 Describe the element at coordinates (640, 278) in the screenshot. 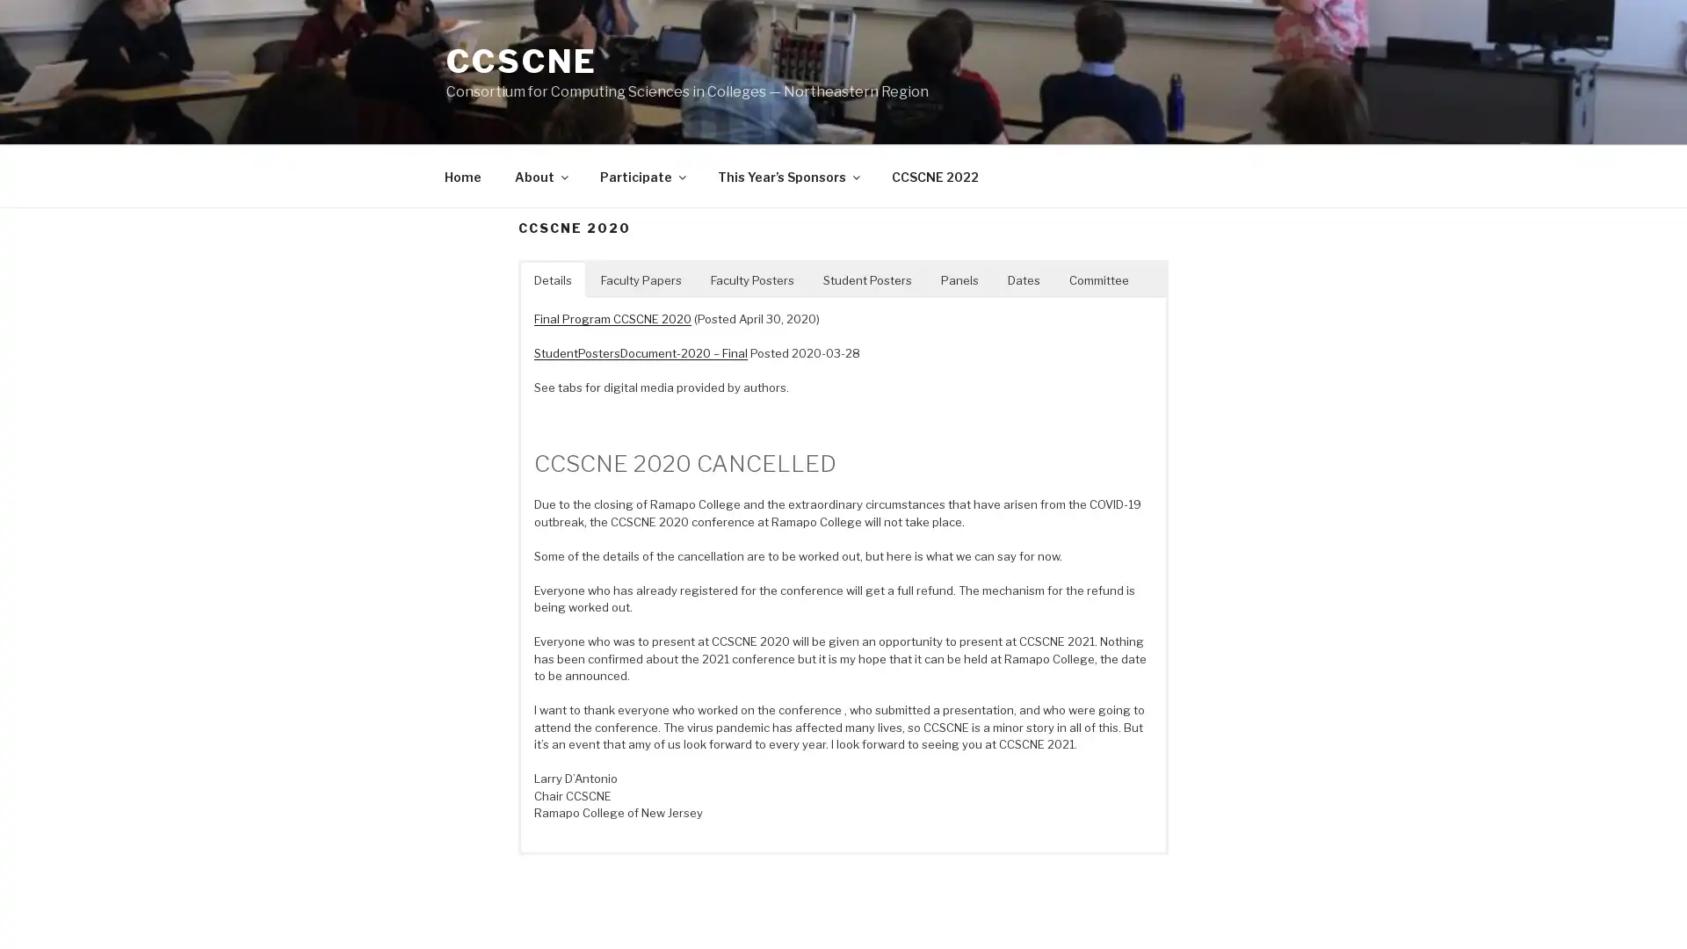

I see `Faculty Papers` at that location.